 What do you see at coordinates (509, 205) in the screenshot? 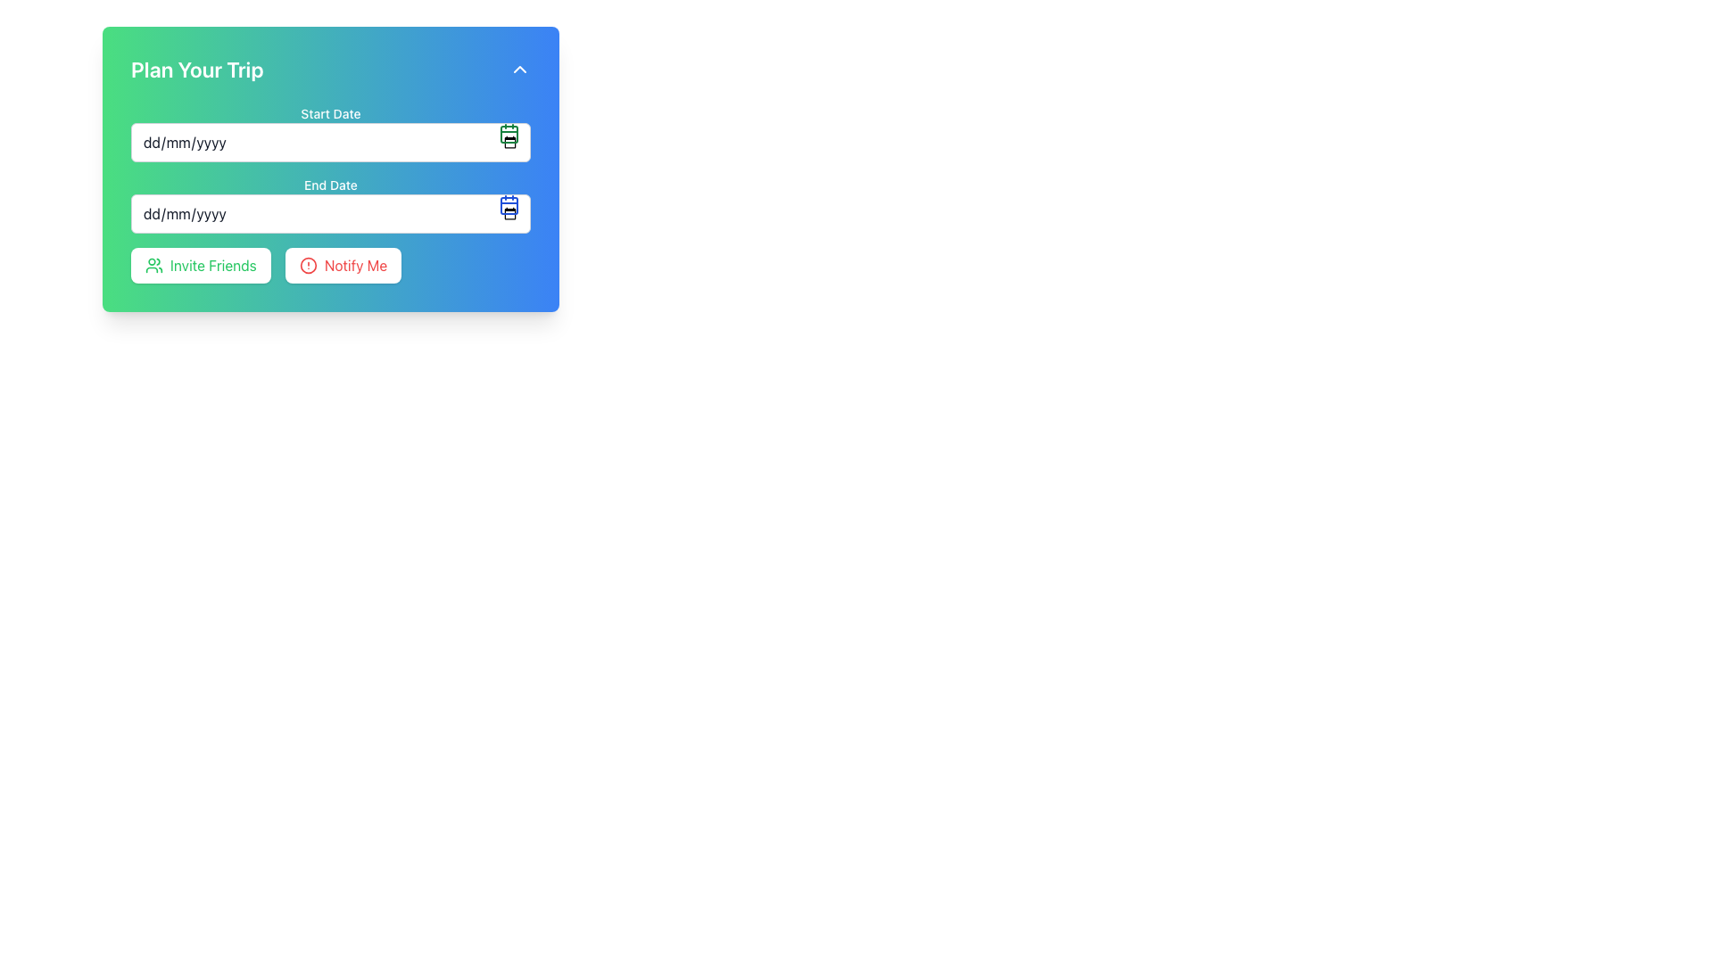
I see `the blue outer square frame of the calendar icon, which contains a small rounded rectangle, located to the right of the 'End Date' input field` at bounding box center [509, 205].